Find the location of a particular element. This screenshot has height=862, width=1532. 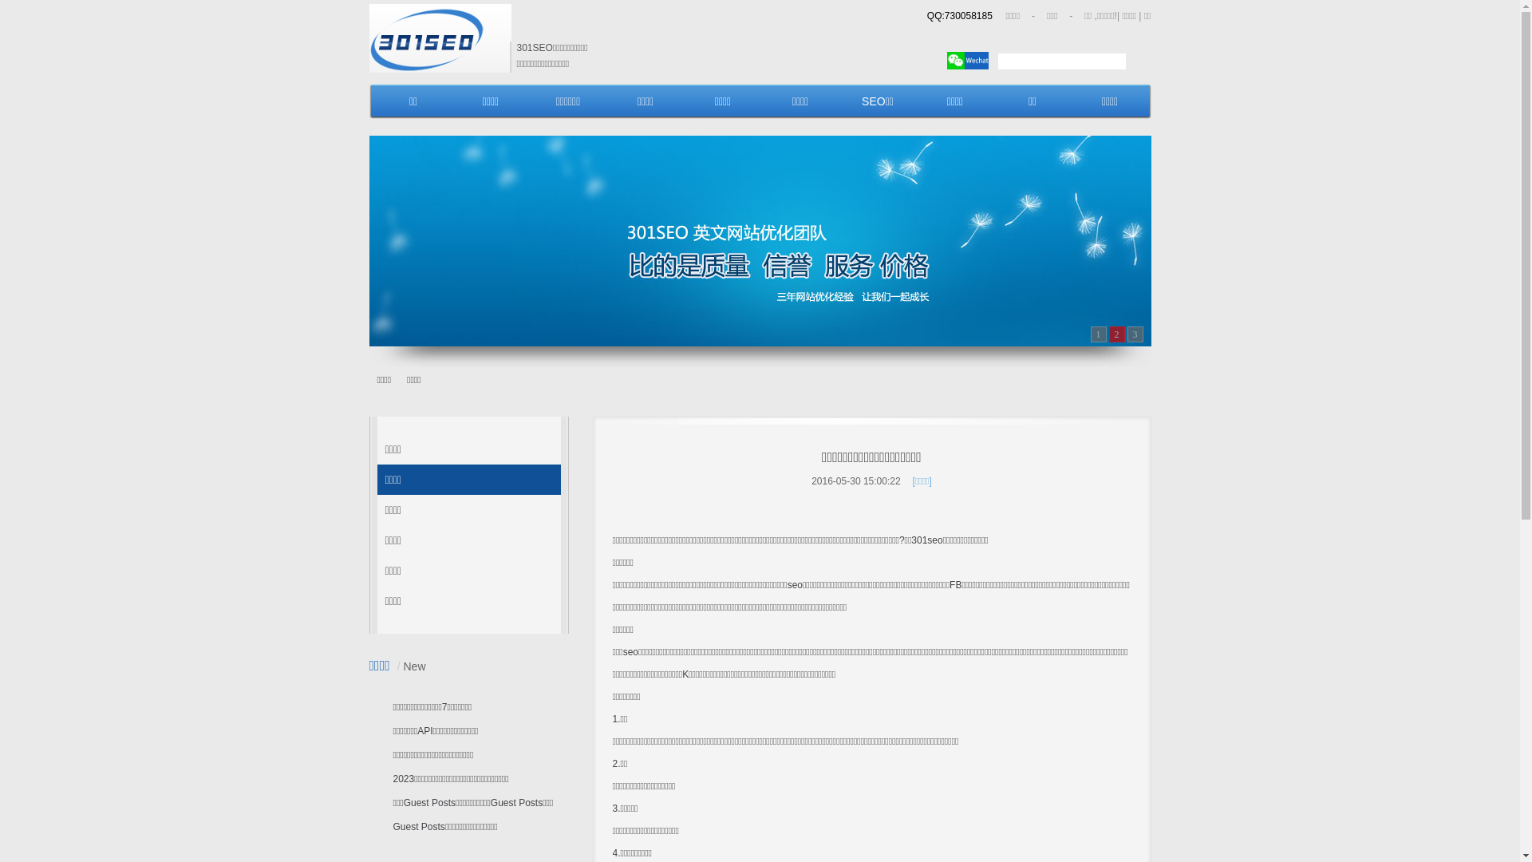

'QQ:730058185' is located at coordinates (959, 15).